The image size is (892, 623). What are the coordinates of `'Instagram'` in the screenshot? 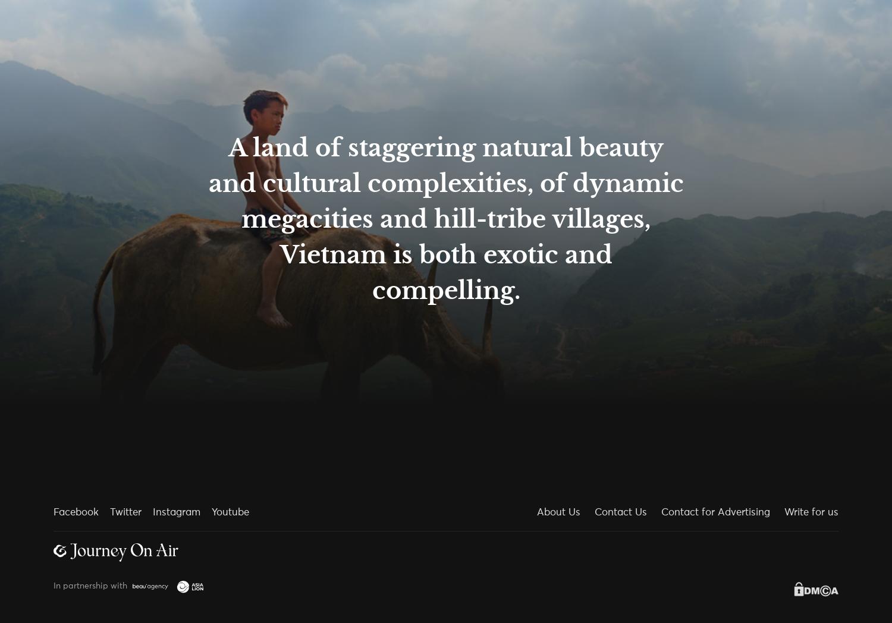 It's located at (177, 512).